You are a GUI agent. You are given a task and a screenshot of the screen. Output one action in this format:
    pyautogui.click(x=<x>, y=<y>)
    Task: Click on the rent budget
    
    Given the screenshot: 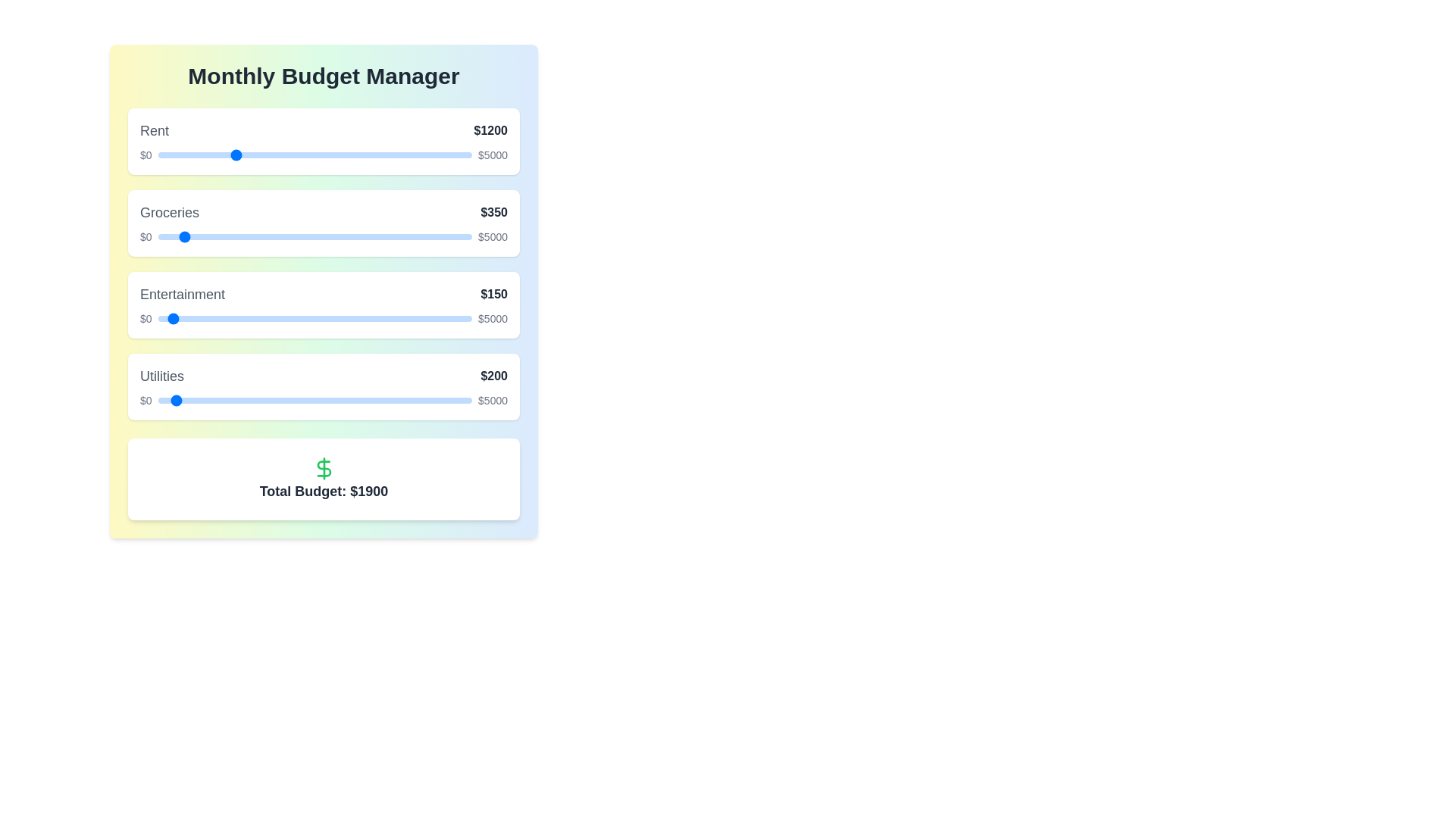 What is the action you would take?
    pyautogui.click(x=167, y=155)
    